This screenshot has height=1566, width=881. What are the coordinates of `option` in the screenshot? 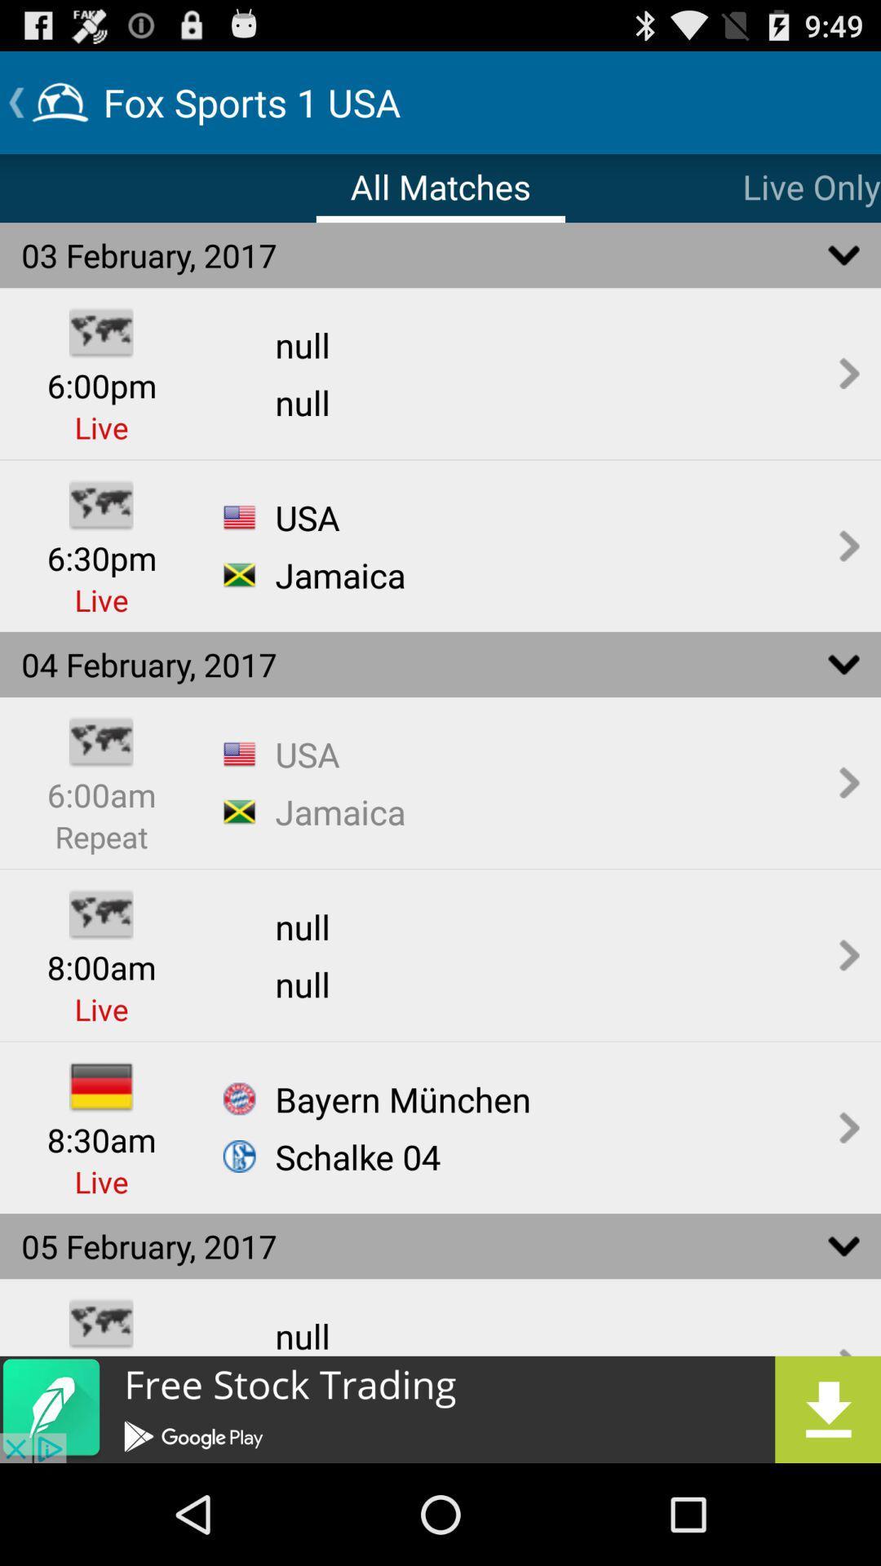 It's located at (440, 1409).